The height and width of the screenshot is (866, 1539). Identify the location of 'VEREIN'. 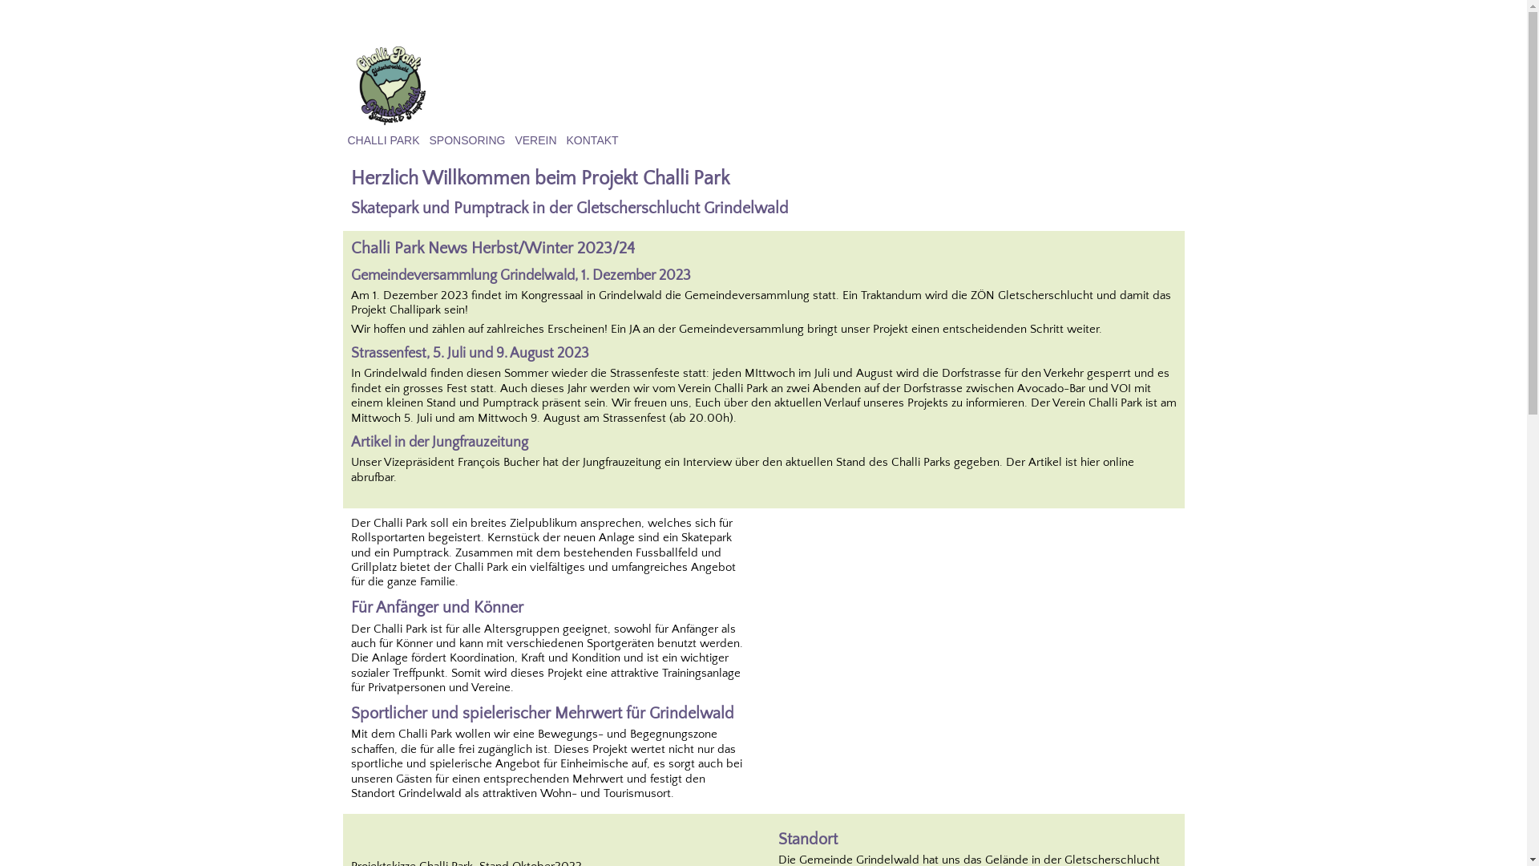
(535, 140).